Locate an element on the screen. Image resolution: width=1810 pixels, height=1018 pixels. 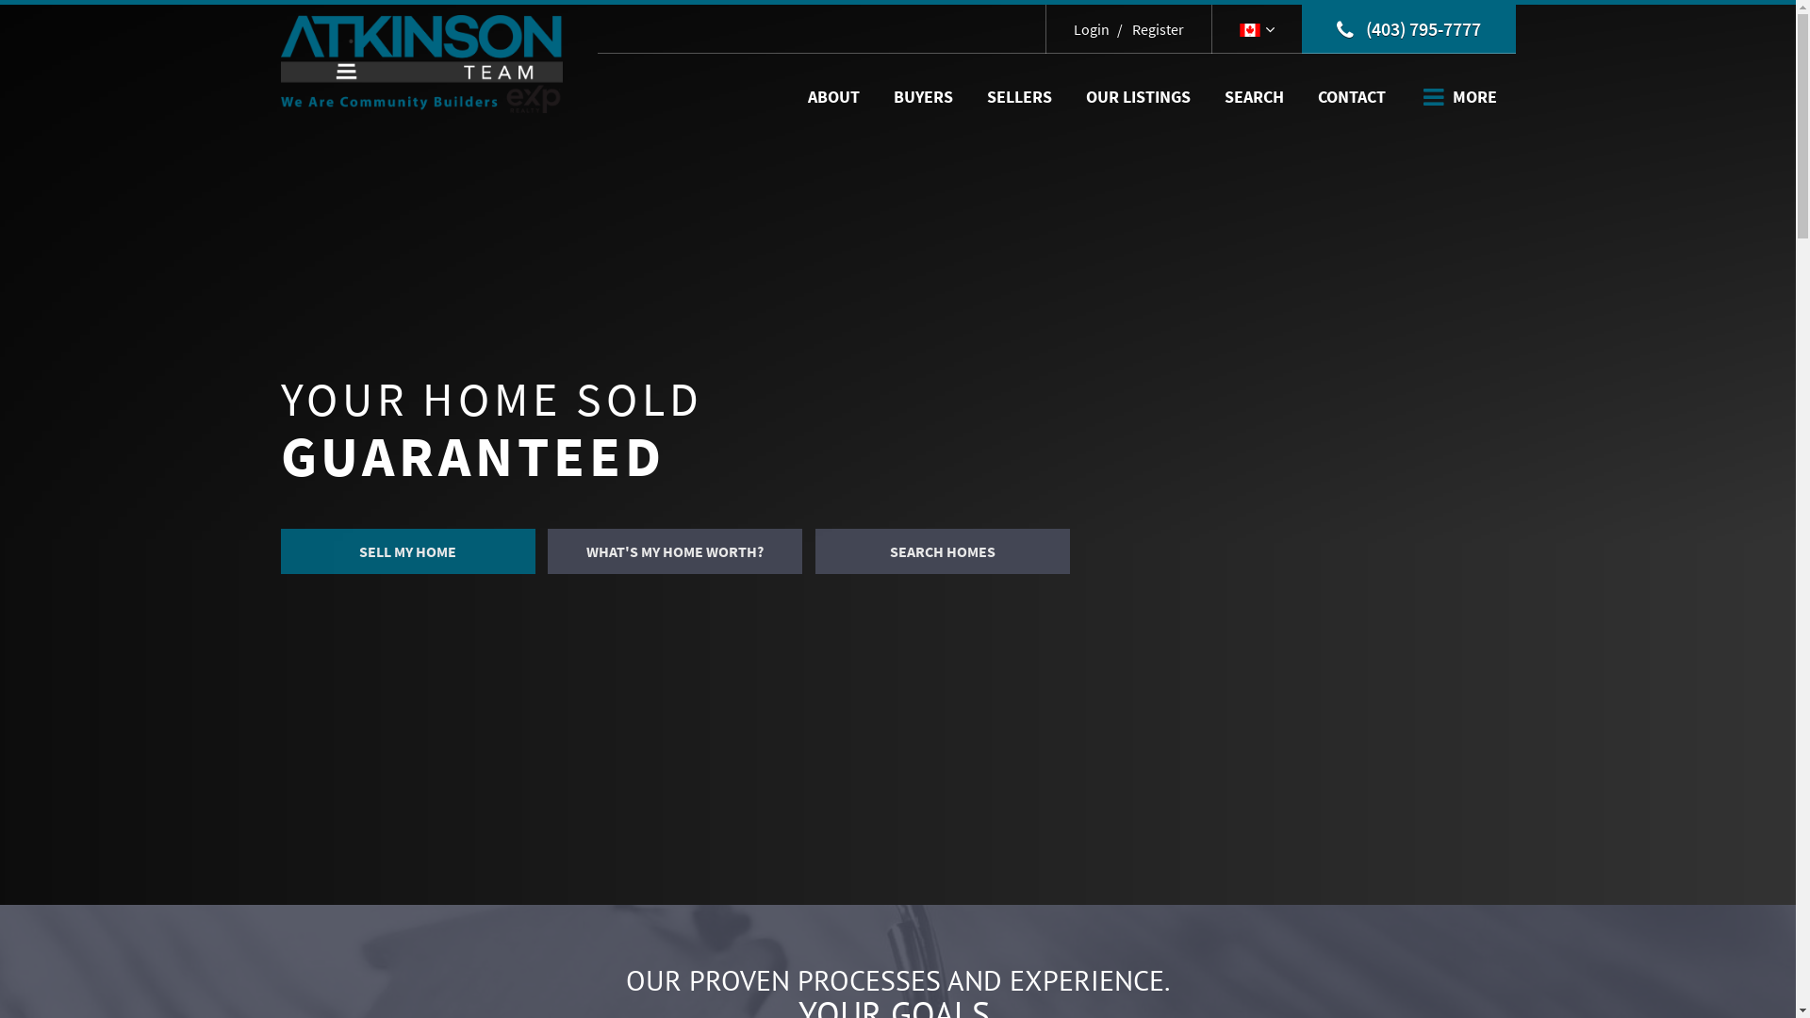
'MORE' is located at coordinates (1459, 97).